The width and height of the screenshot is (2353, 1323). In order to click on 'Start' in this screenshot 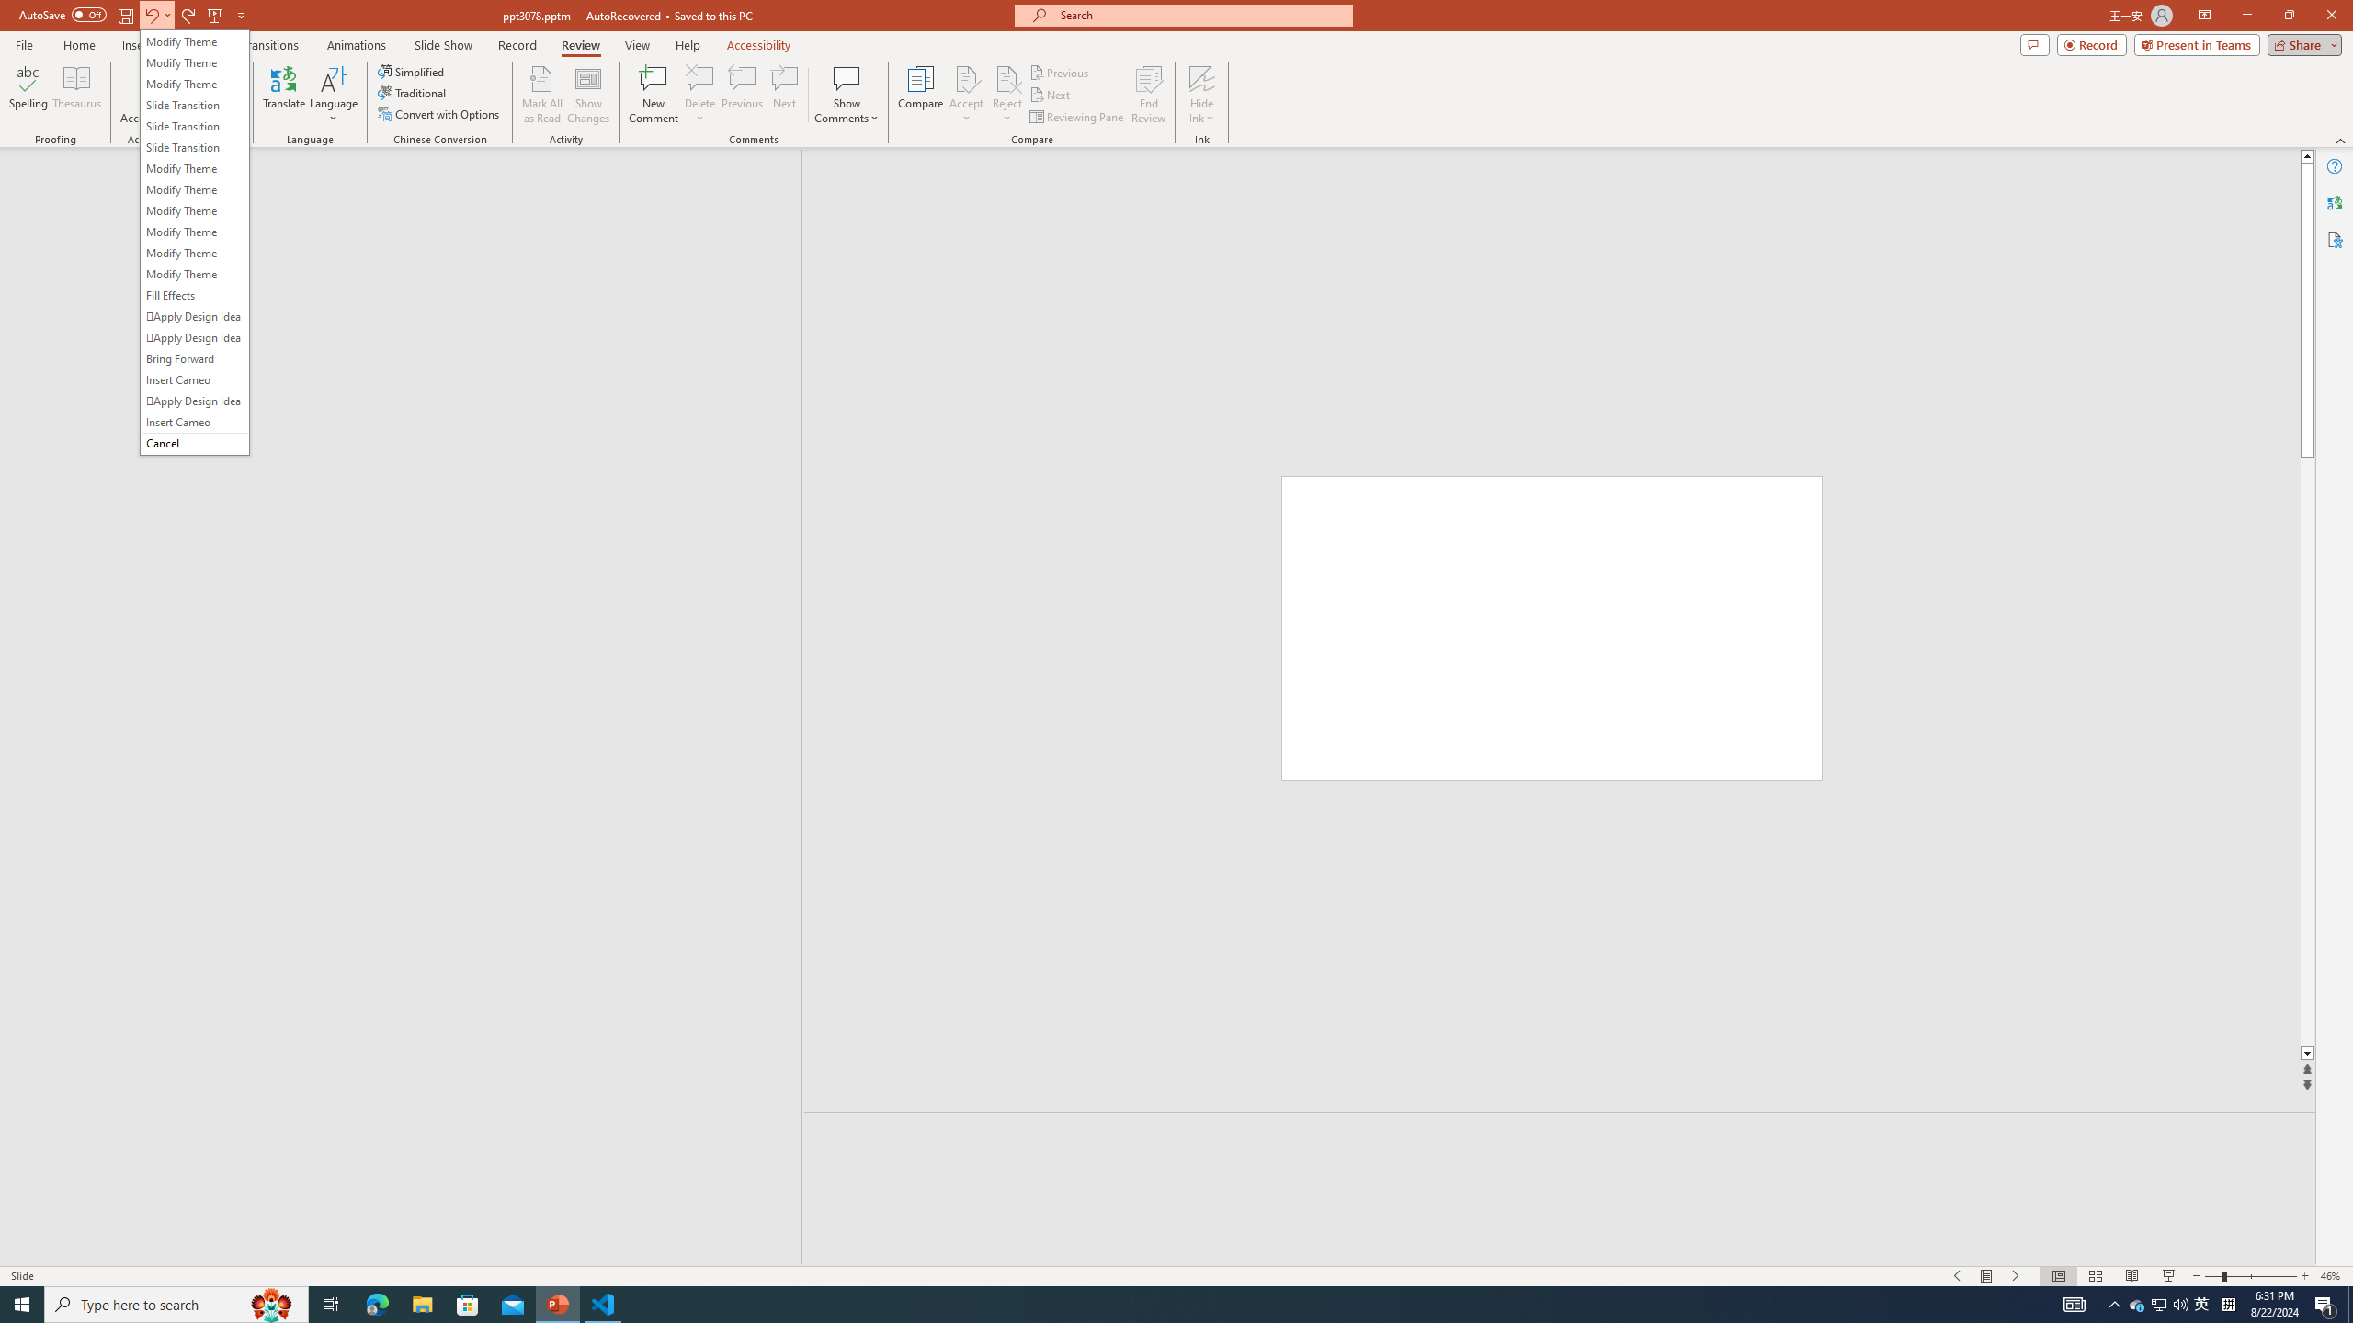, I will do `click(22, 1303)`.